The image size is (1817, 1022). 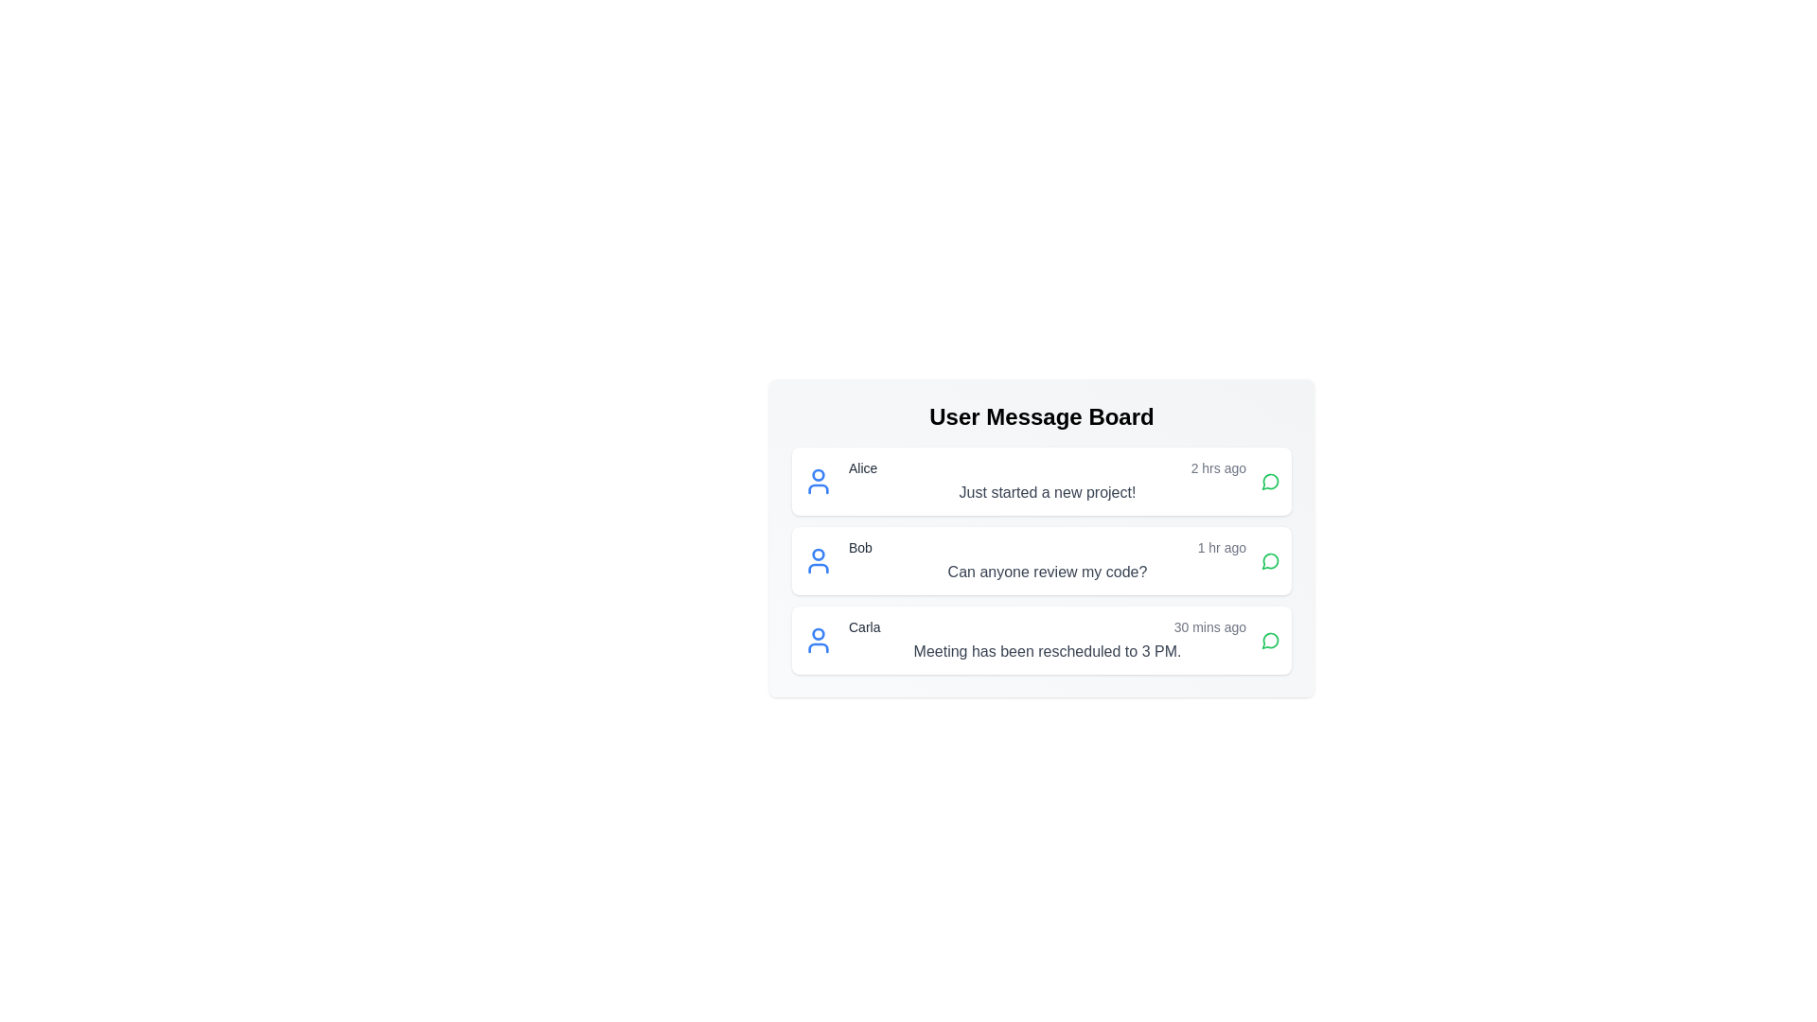 What do you see at coordinates (818, 640) in the screenshot?
I see `the user icon corresponding to Carla` at bounding box center [818, 640].